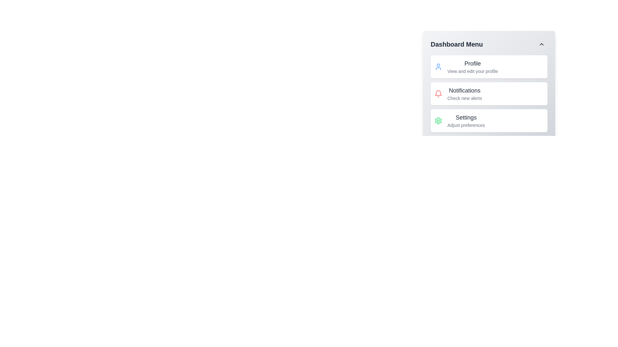 This screenshot has height=347, width=618. I want to click on the toggle button to expand or collapse the menu, so click(541, 44).